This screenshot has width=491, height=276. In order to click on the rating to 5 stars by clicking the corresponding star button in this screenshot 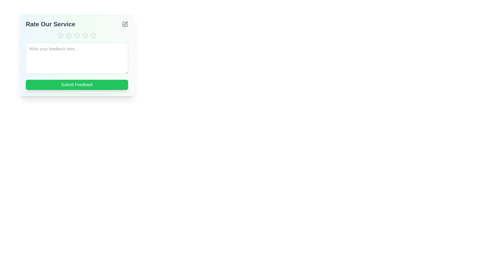, I will do `click(93, 35)`.